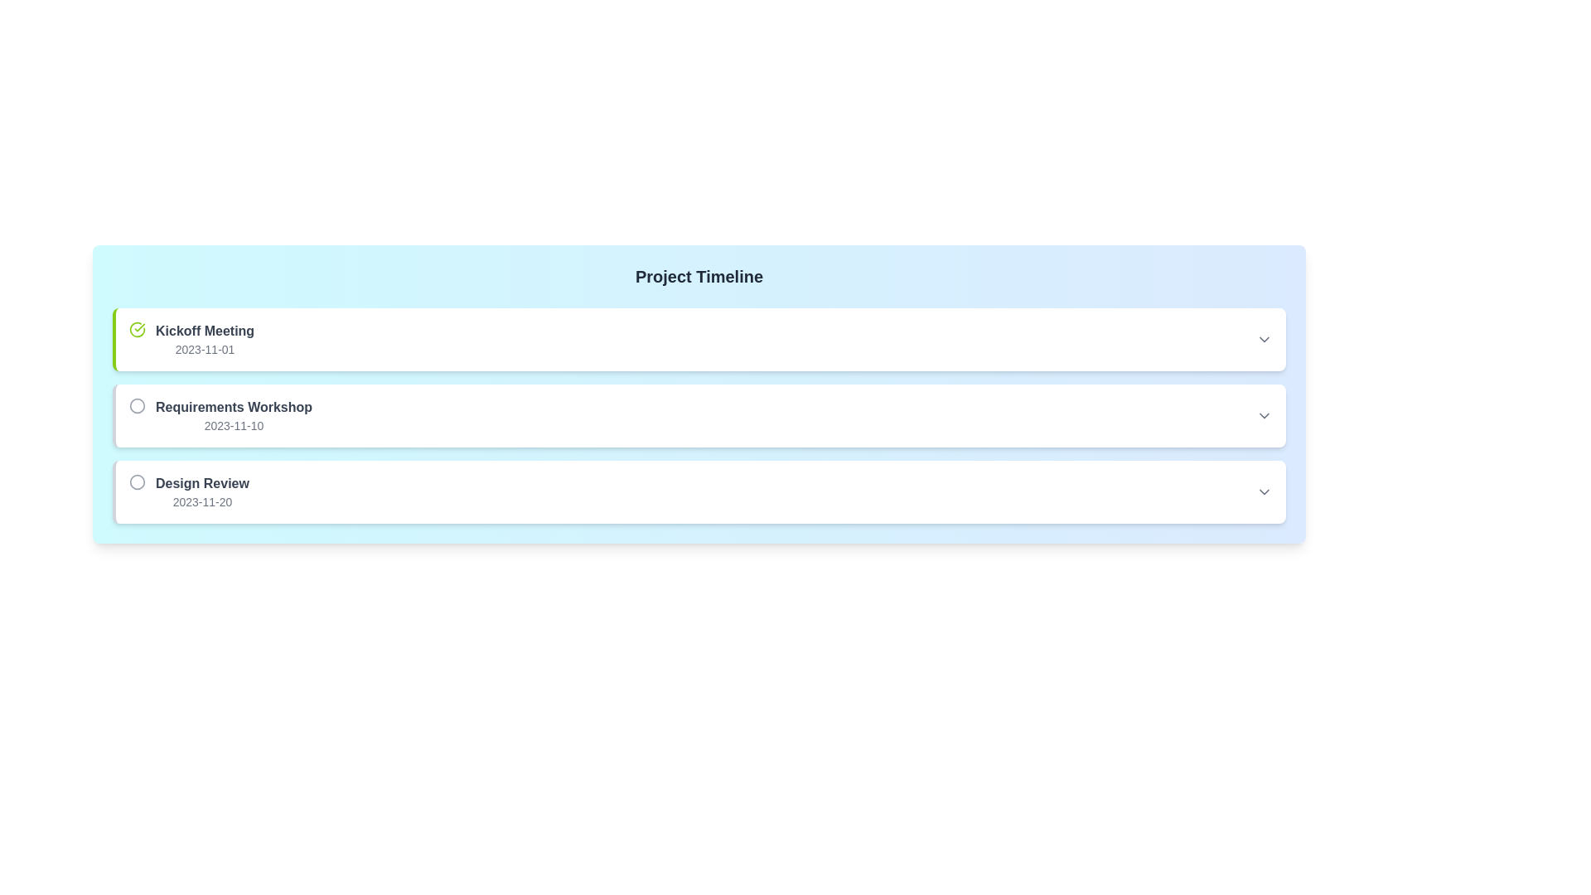  I want to click on the static text element displaying the date associated with the 'Kickoff Meeting', which is located below the main title text 'Kickoff Meeting', so click(204, 348).